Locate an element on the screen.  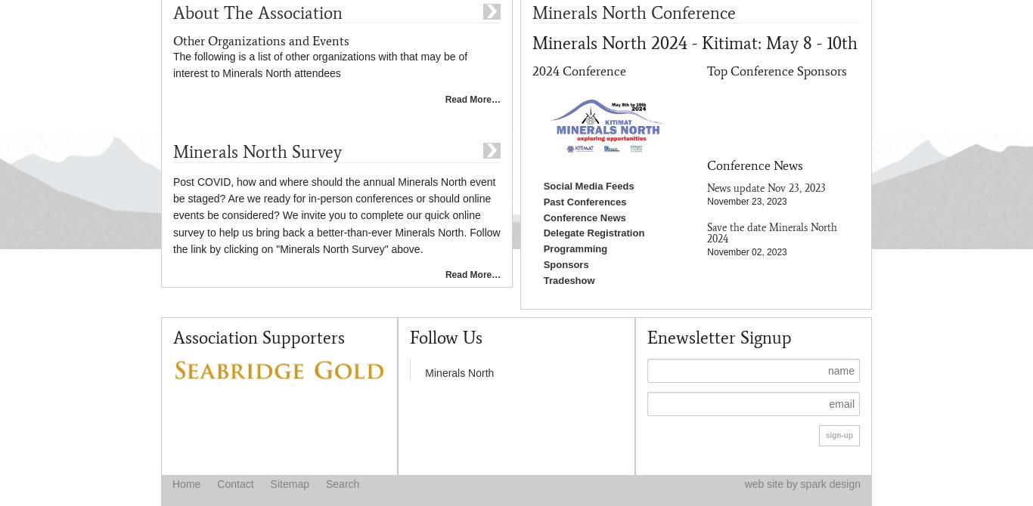
'Contact' is located at coordinates (216, 483).